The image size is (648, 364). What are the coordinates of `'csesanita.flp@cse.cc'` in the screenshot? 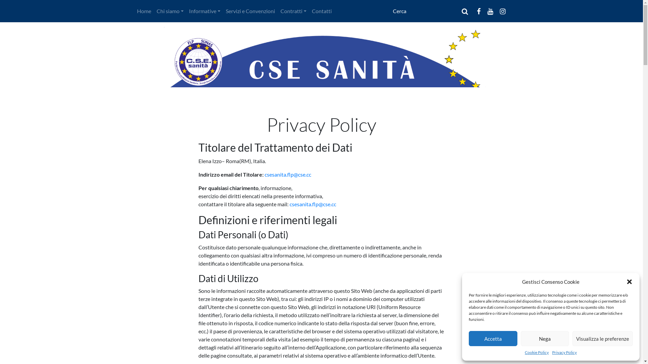 It's located at (312, 204).